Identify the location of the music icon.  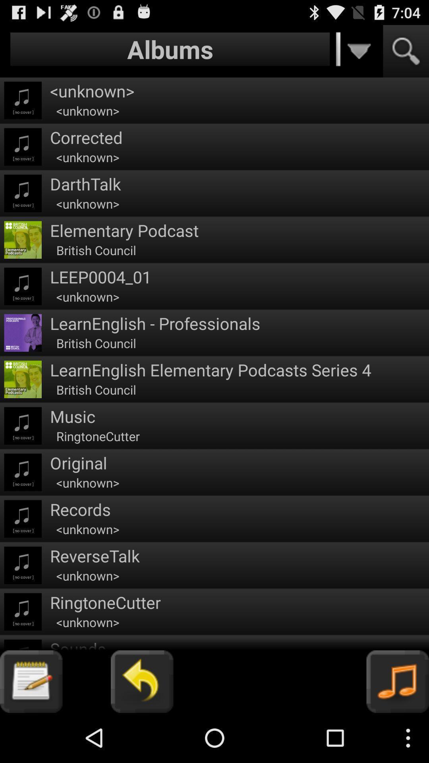
(398, 729).